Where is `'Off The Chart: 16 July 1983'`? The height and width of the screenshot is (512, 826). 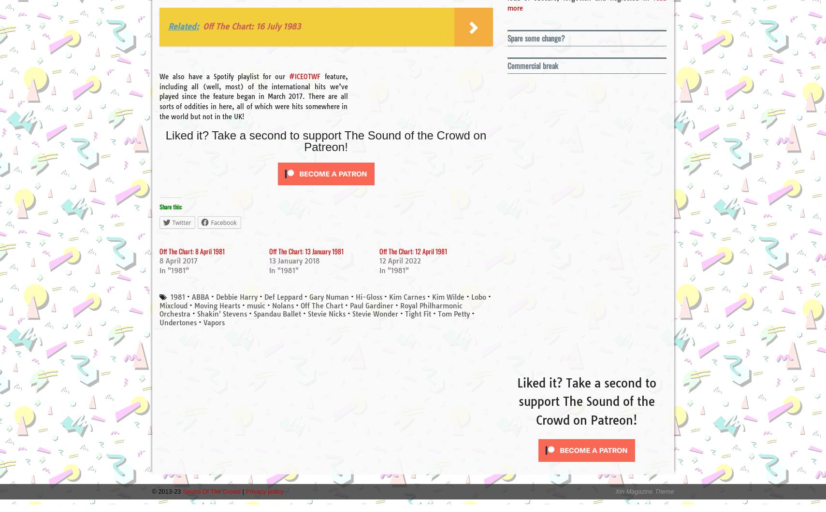
'Off The Chart: 16 July 1983' is located at coordinates (203, 26).